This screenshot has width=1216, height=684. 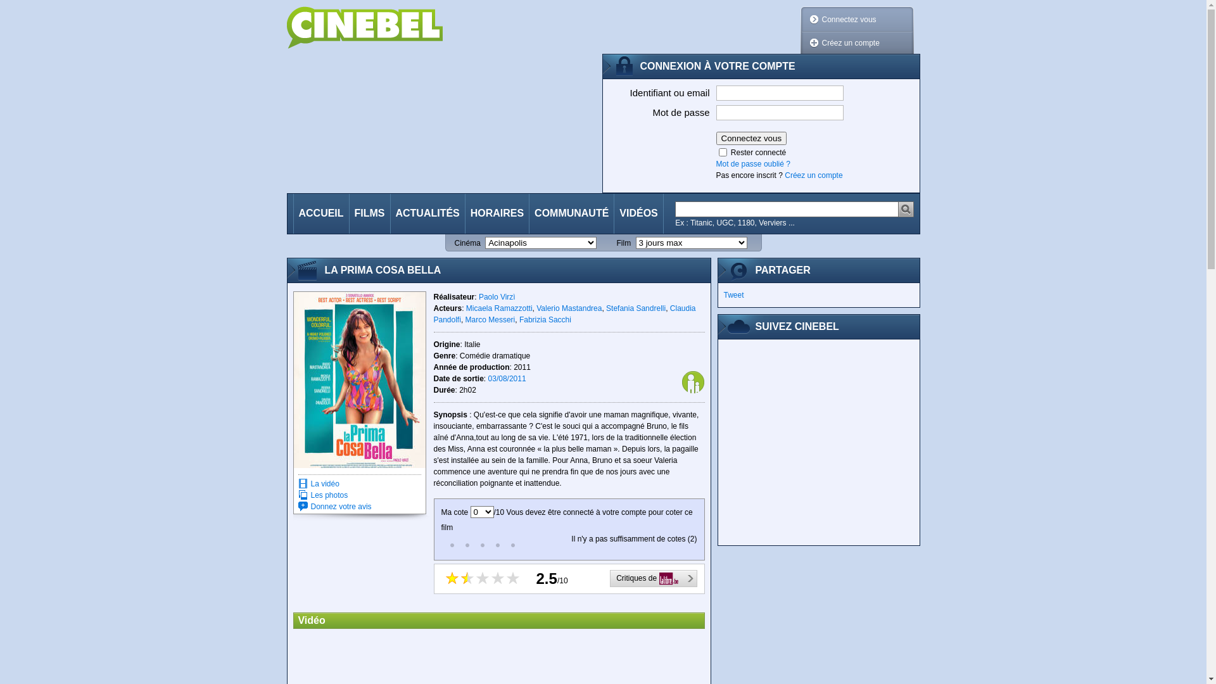 What do you see at coordinates (369, 213) in the screenshot?
I see `'FILMS'` at bounding box center [369, 213].